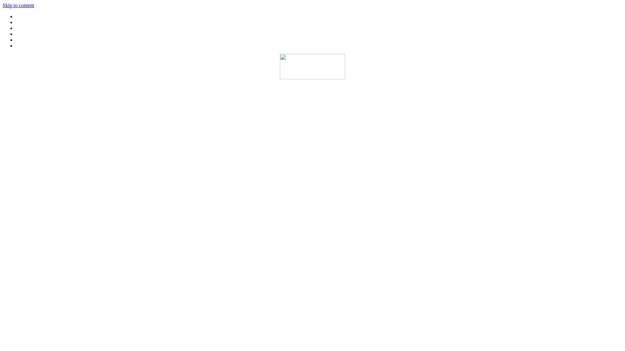 This screenshot has width=625, height=351. I want to click on 'Skip to content', so click(18, 5).